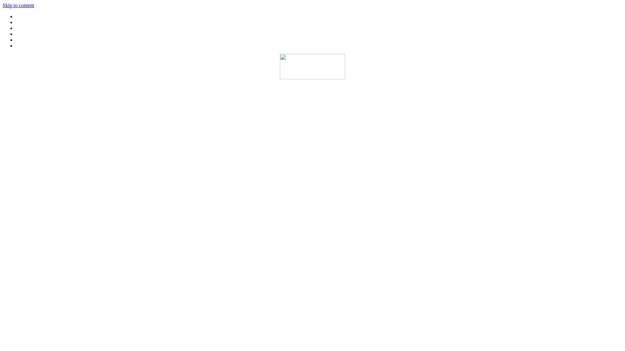 This screenshot has width=625, height=351. I want to click on 'Skip to content', so click(18, 5).